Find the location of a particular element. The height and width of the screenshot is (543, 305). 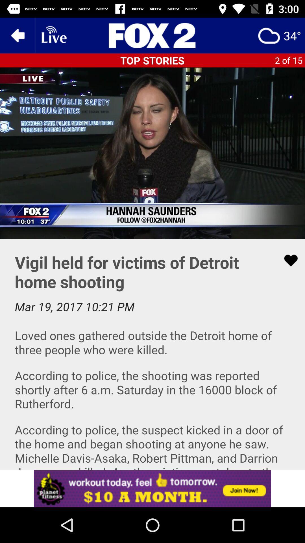

fox 2 icon is located at coordinates (152, 35).